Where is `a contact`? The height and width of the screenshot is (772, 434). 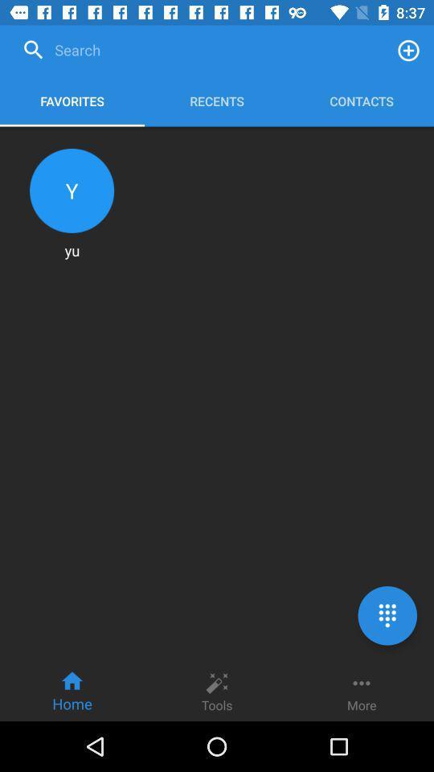 a contact is located at coordinates (408, 50).